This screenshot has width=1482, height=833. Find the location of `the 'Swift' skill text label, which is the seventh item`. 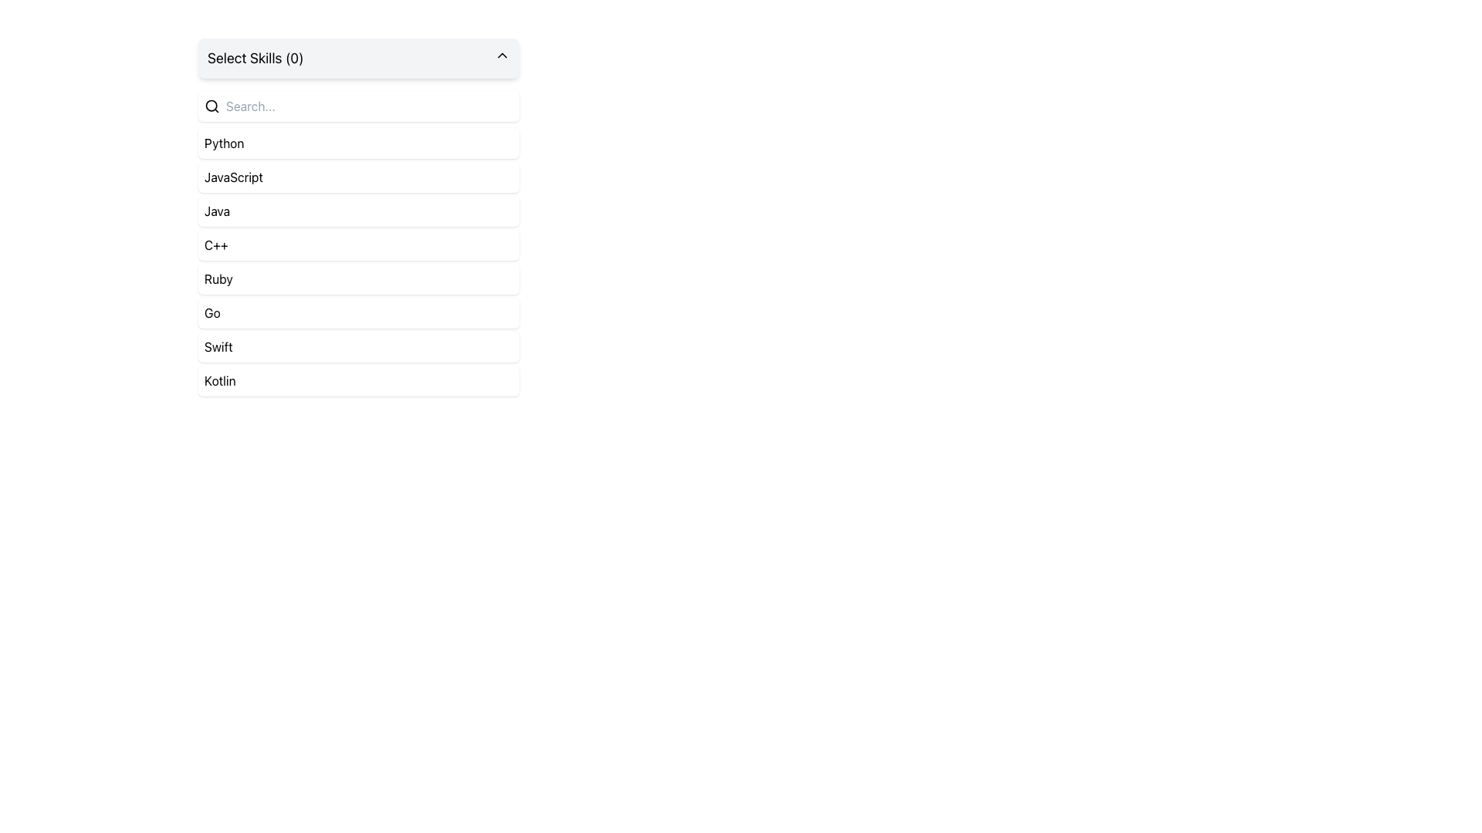

the 'Swift' skill text label, which is the seventh item is located at coordinates (218, 347).